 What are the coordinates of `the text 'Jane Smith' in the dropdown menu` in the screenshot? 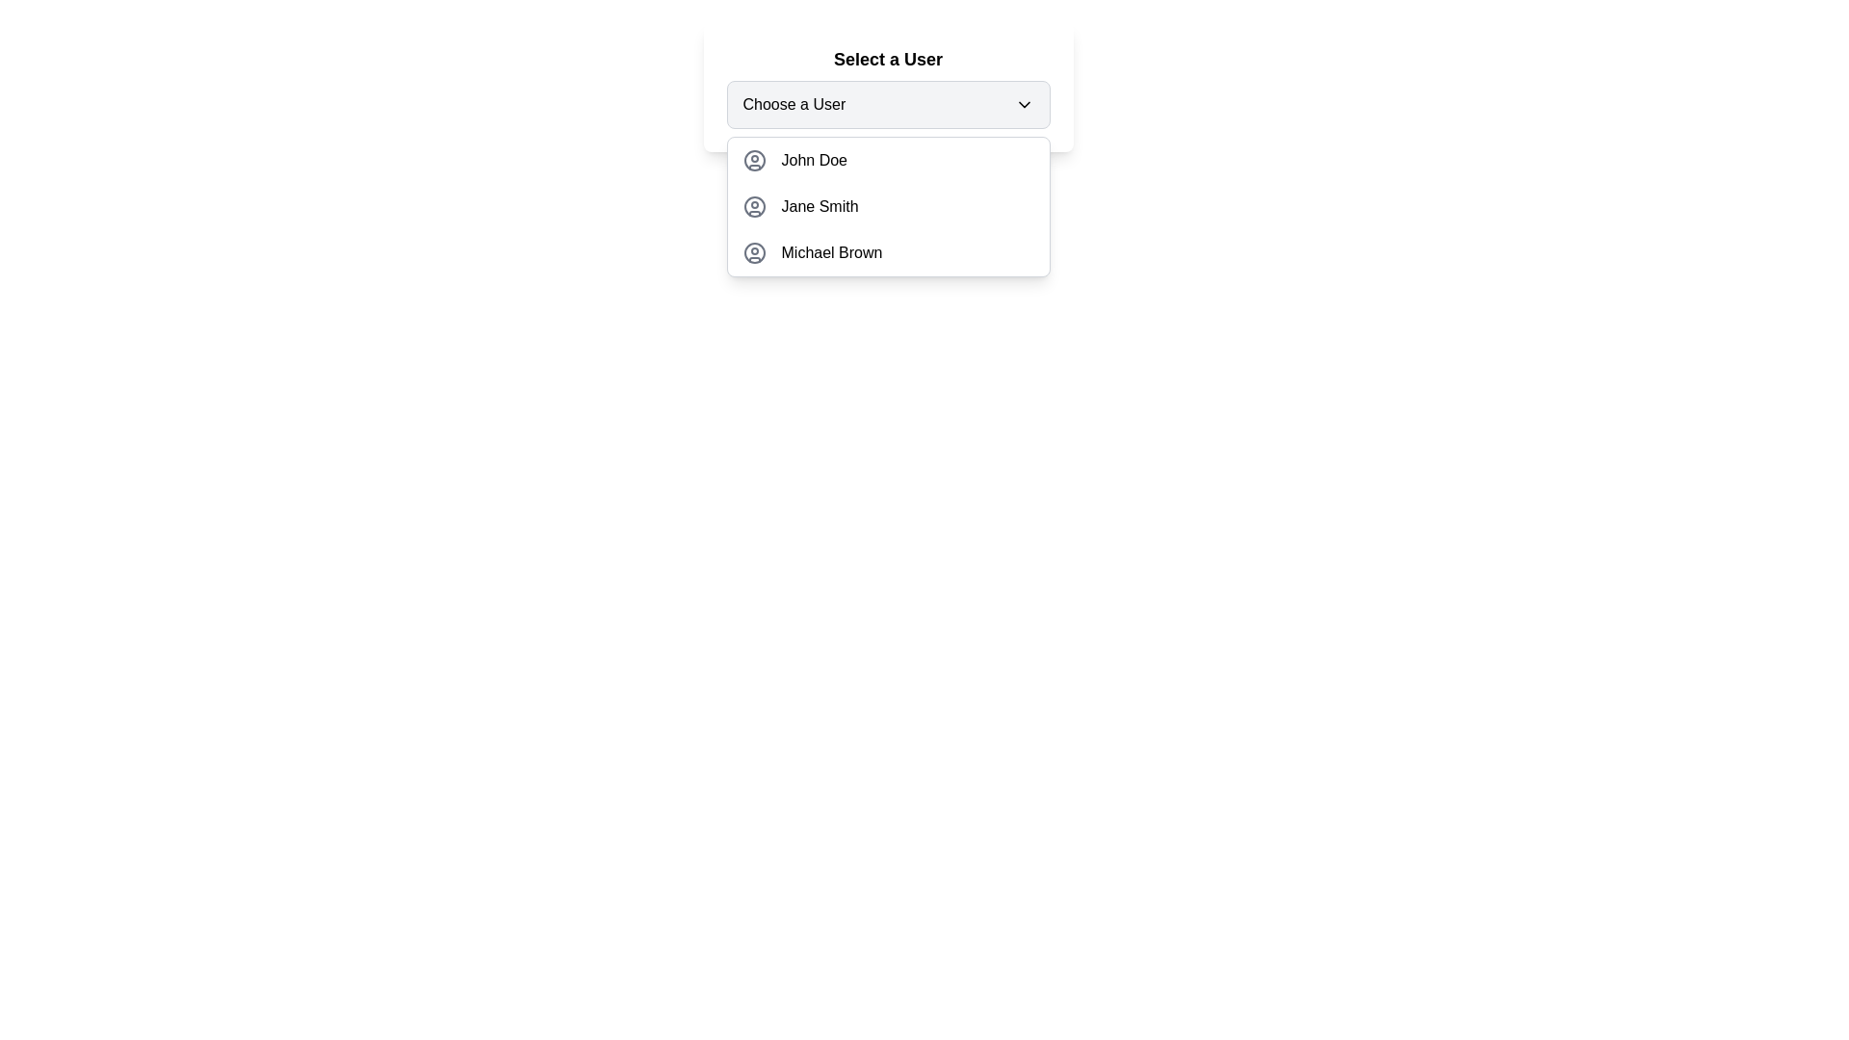 It's located at (820, 207).